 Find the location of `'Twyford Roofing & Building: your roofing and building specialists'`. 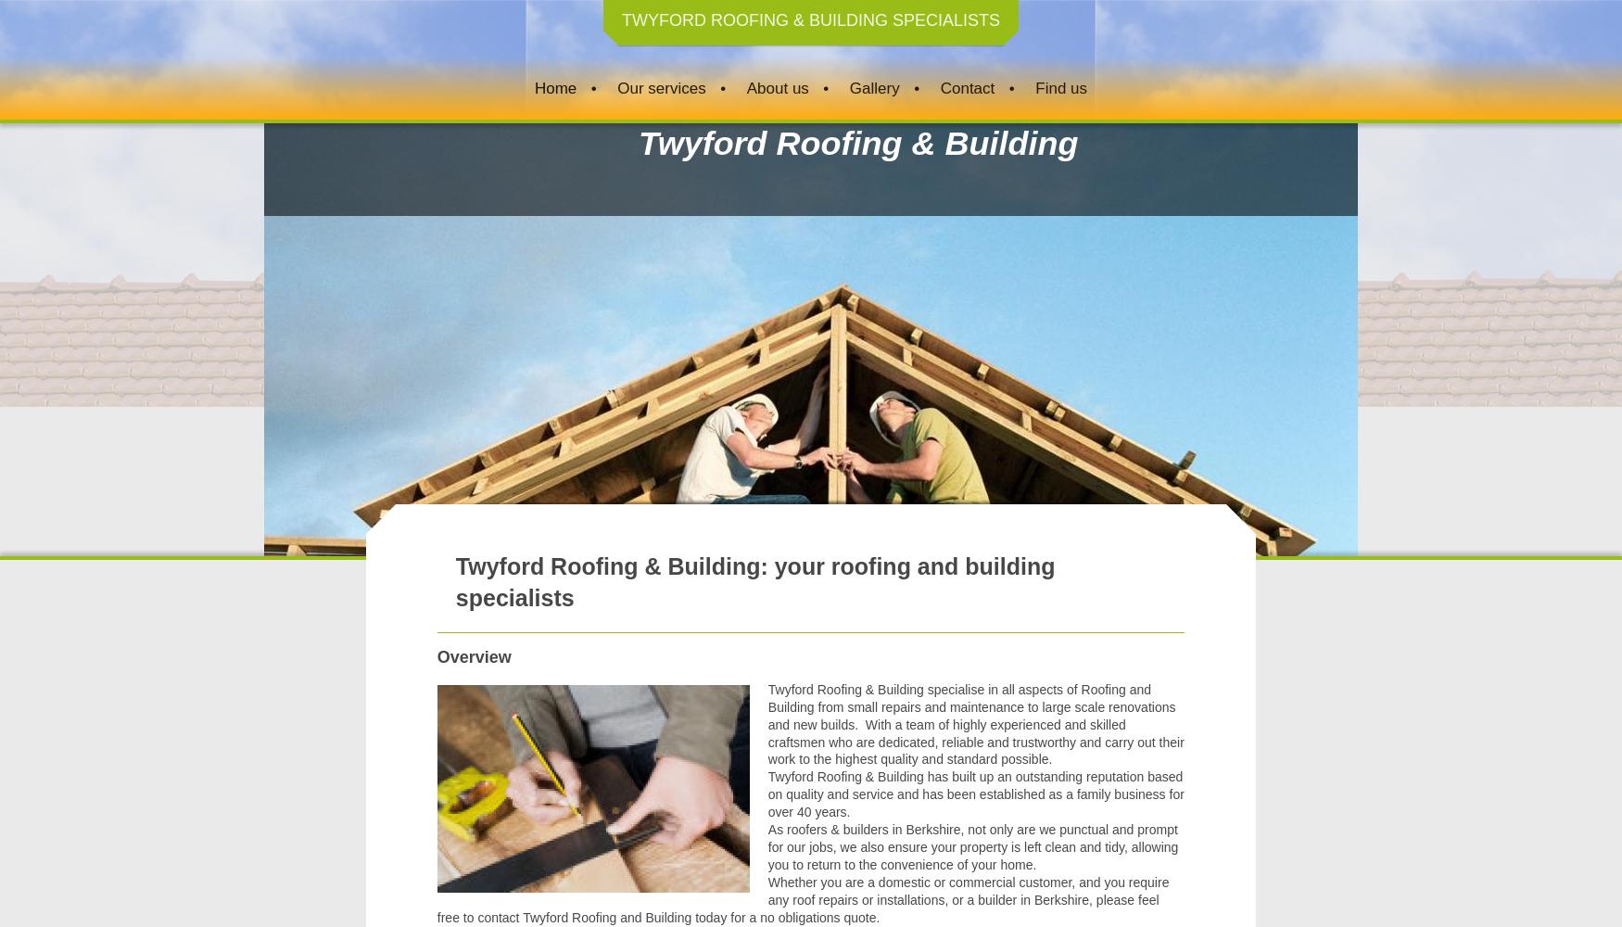

'Twyford Roofing & Building: your roofing and building specialists' is located at coordinates (754, 581).